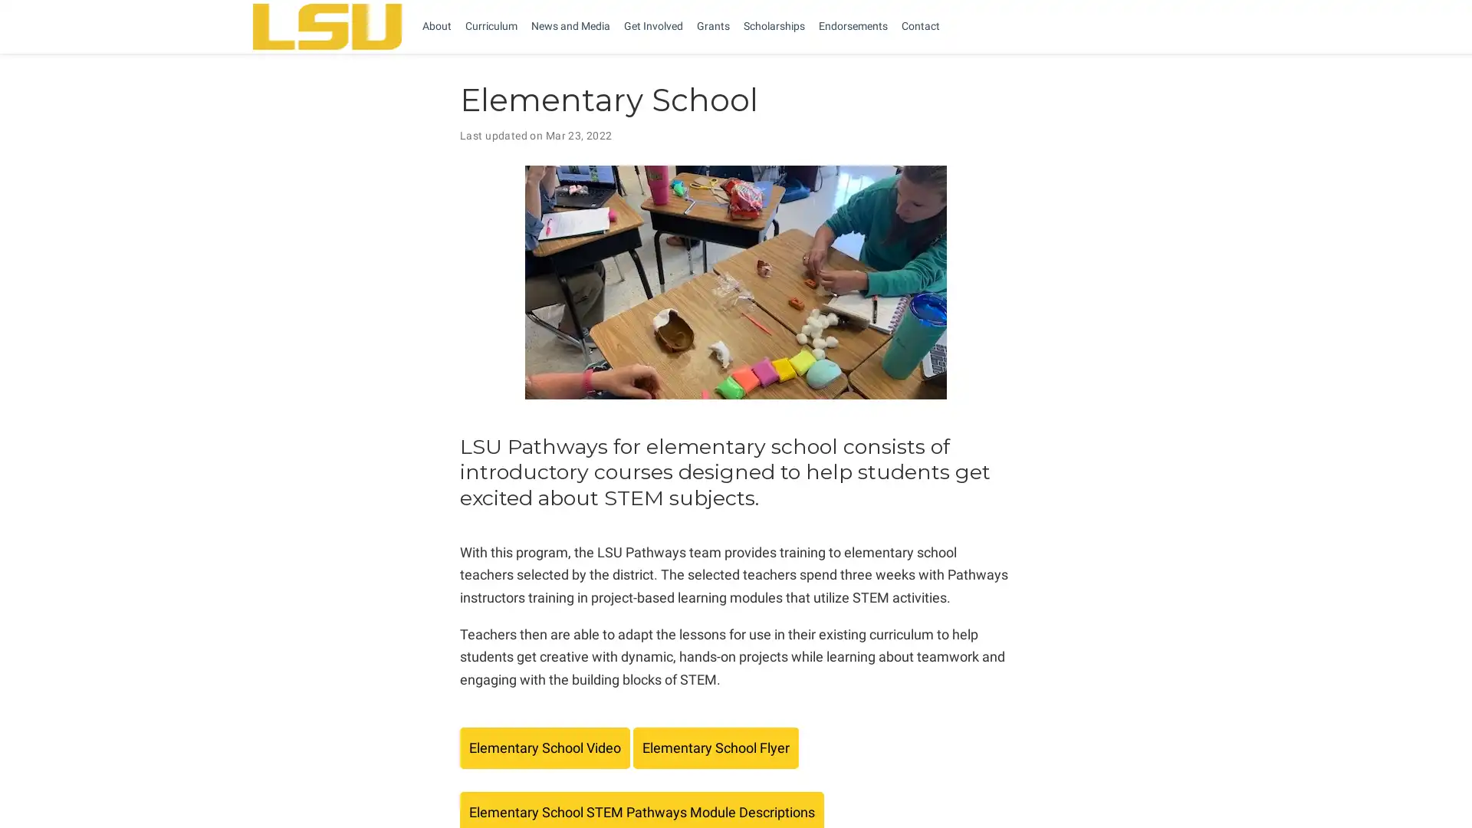 The image size is (1472, 828). I want to click on Elementary School Video, so click(544, 747).